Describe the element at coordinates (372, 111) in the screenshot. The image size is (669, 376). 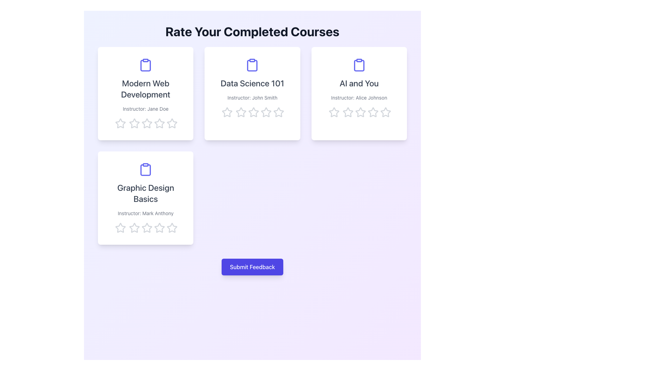
I see `the third star icon from the left in the five-star rating system located below the 'AI and You' course card` at that location.